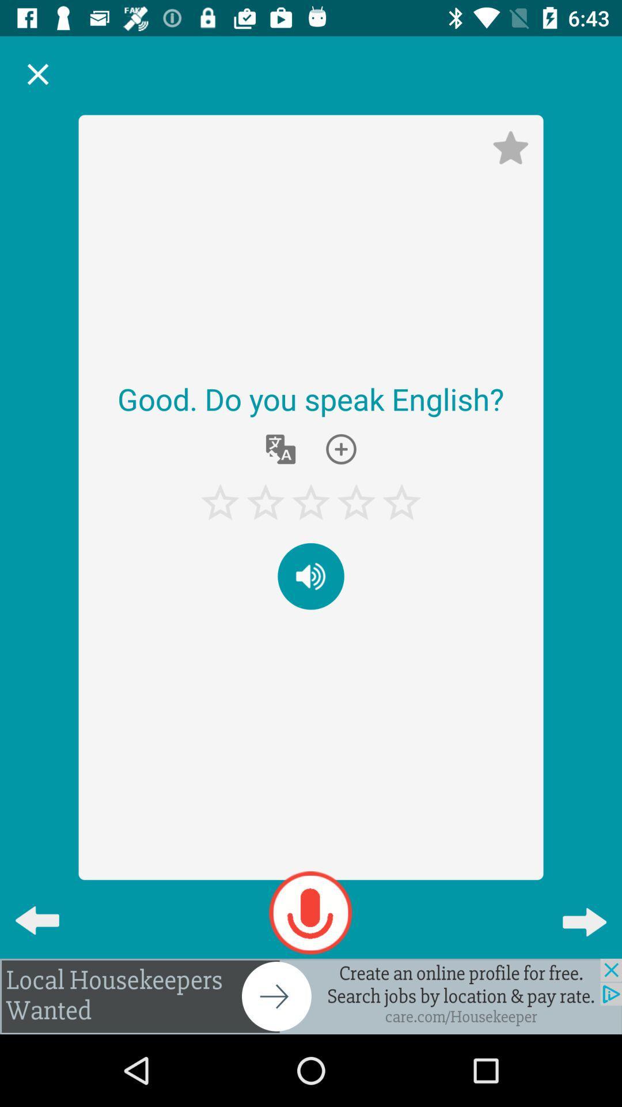  Describe the element at coordinates (46, 910) in the screenshot. I see `the arrow_backward icon` at that location.